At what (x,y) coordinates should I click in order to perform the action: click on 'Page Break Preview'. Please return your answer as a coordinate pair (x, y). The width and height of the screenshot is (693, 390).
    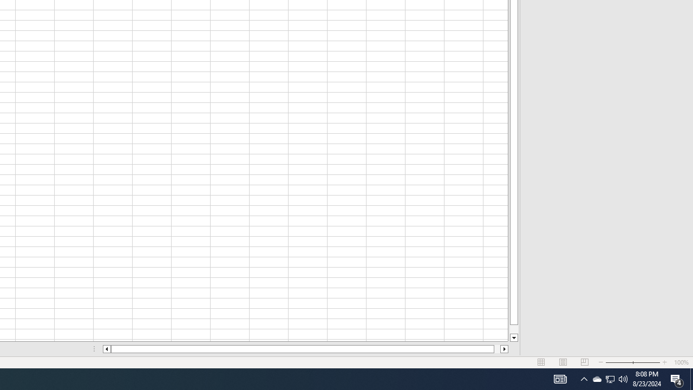
    Looking at the image, I should click on (584, 362).